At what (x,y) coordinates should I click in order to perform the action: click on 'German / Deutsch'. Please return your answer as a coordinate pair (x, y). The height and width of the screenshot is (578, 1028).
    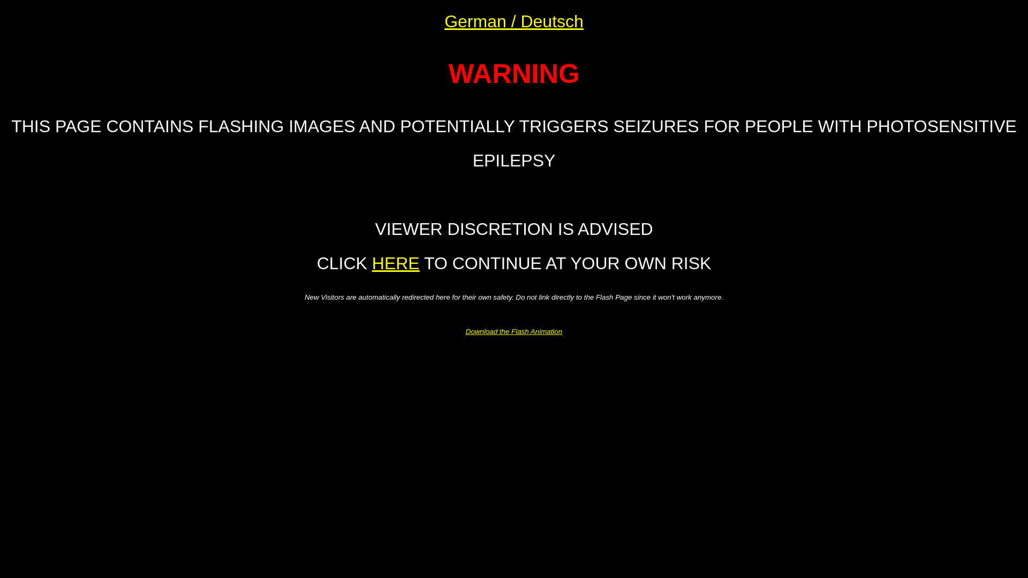
    Looking at the image, I should click on (514, 21).